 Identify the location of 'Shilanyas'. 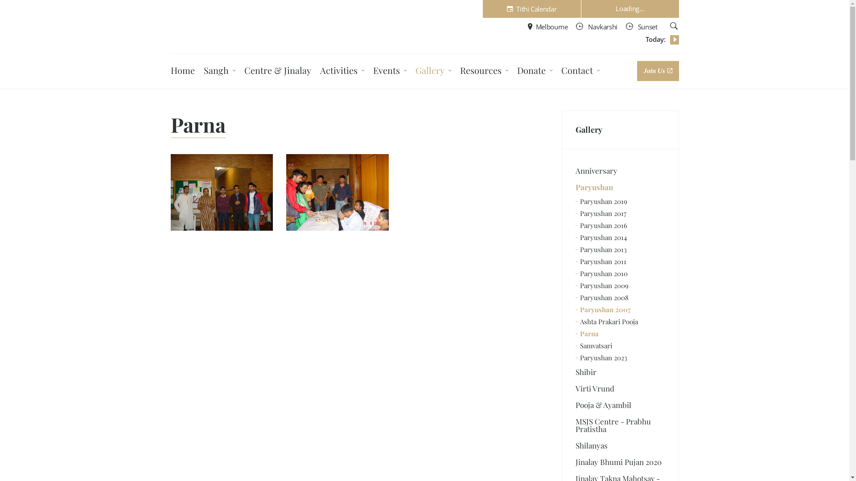
(620, 445).